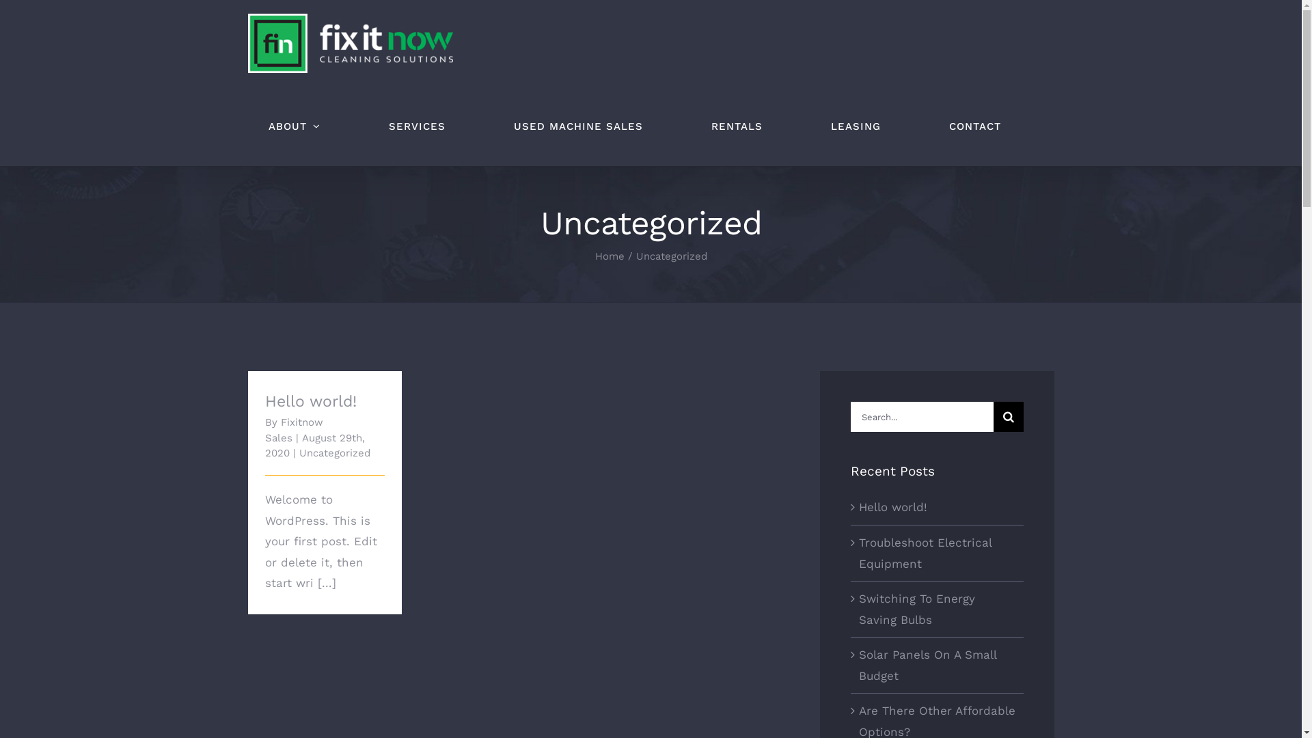  What do you see at coordinates (858, 664) in the screenshot?
I see `'Solar Panels On A Small Budget'` at bounding box center [858, 664].